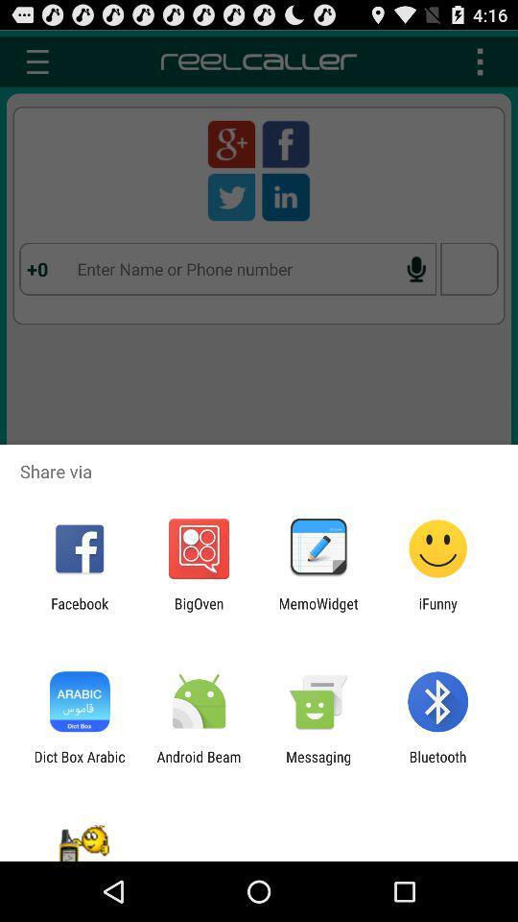 The width and height of the screenshot is (518, 922). Describe the element at coordinates (198, 764) in the screenshot. I see `the item next to the dict box arabic app` at that location.